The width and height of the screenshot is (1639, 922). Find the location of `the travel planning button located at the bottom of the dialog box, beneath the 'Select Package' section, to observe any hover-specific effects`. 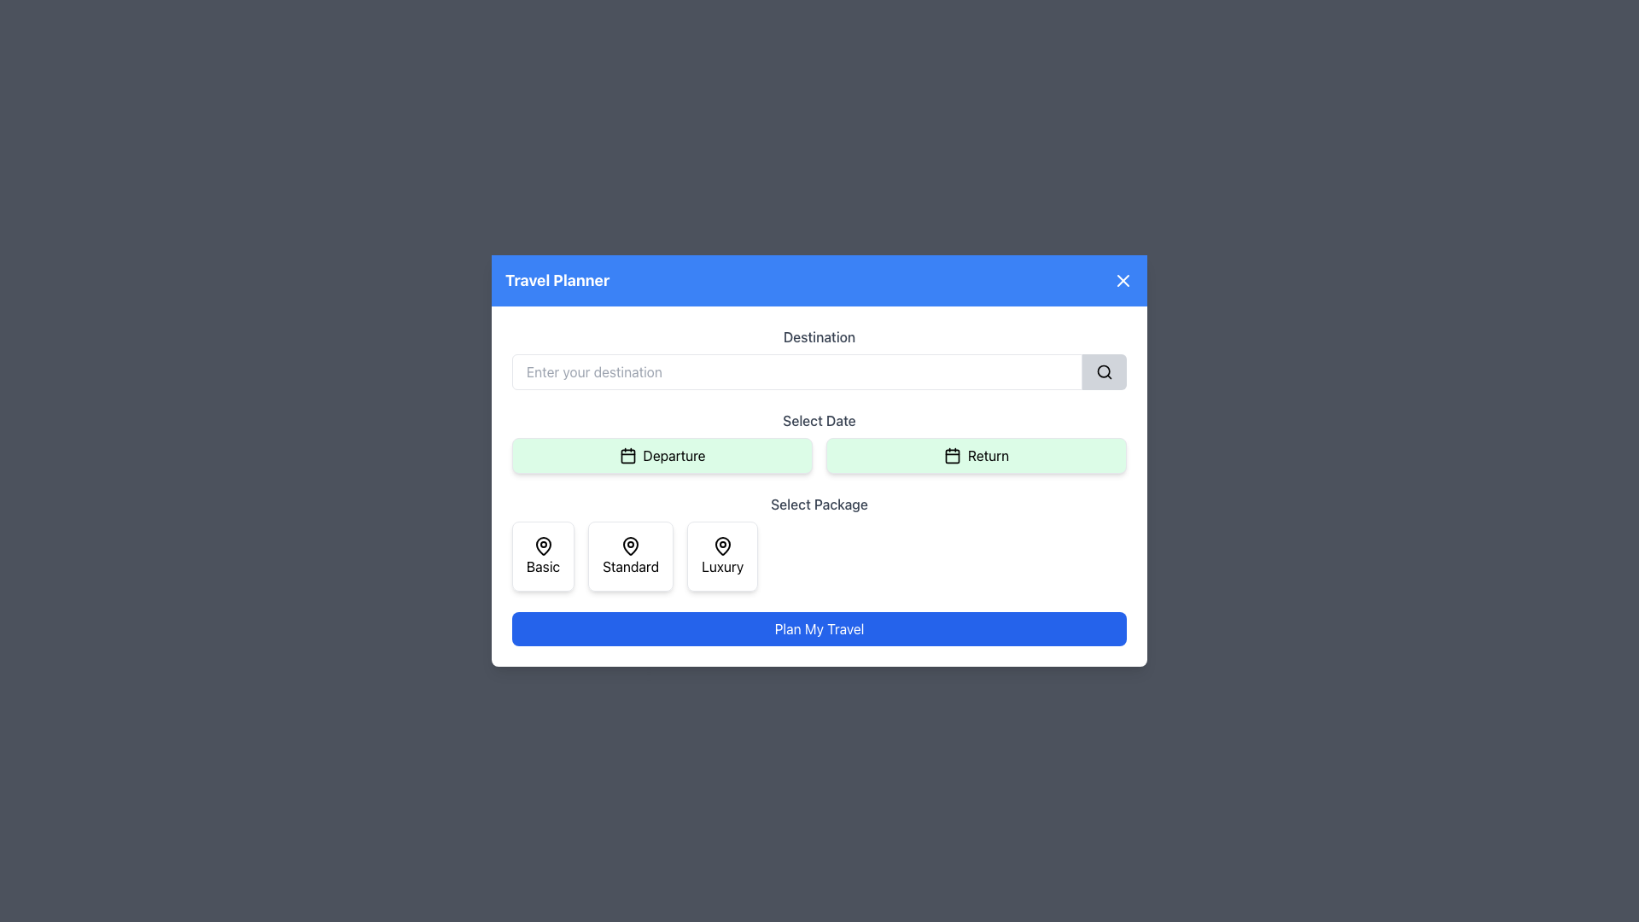

the travel planning button located at the bottom of the dialog box, beneath the 'Select Package' section, to observe any hover-specific effects is located at coordinates (819, 628).